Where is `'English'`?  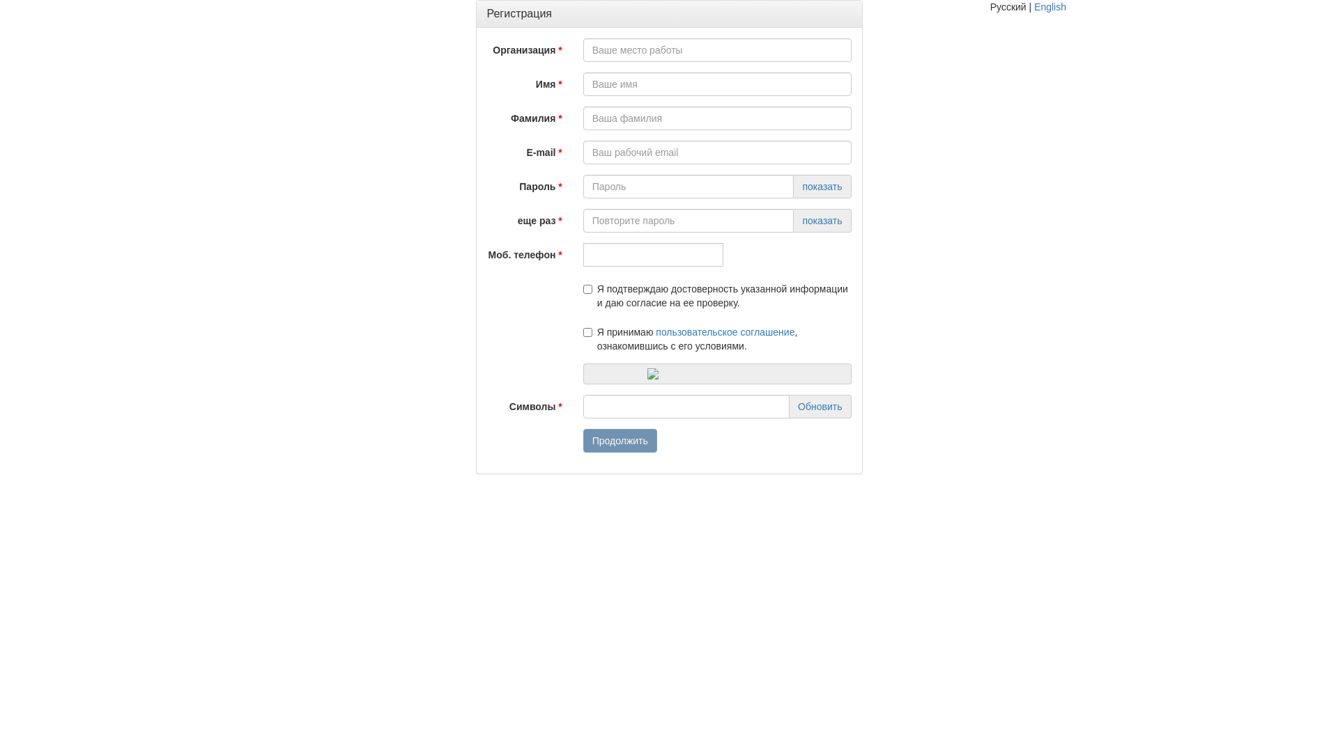 'English' is located at coordinates (1050, 7).